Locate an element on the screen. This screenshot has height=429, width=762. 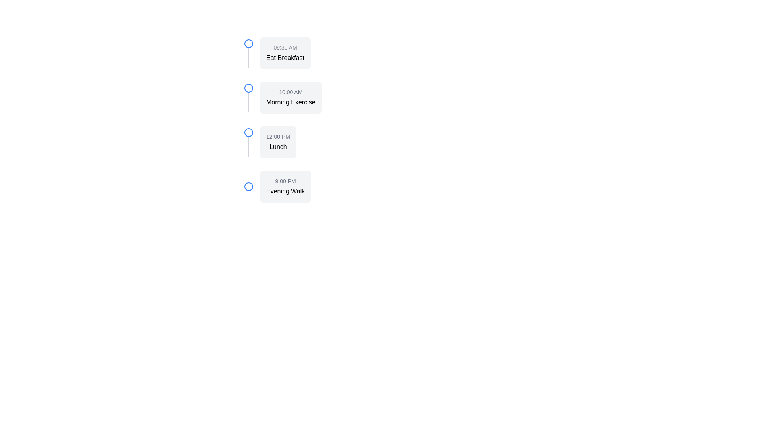
the decorative progress indicator element associated with the '12:00 PM Lunch' entry in the timeline, which features a blue circle at the top and a thin gray vertical line extending downward is located at coordinates (248, 142).